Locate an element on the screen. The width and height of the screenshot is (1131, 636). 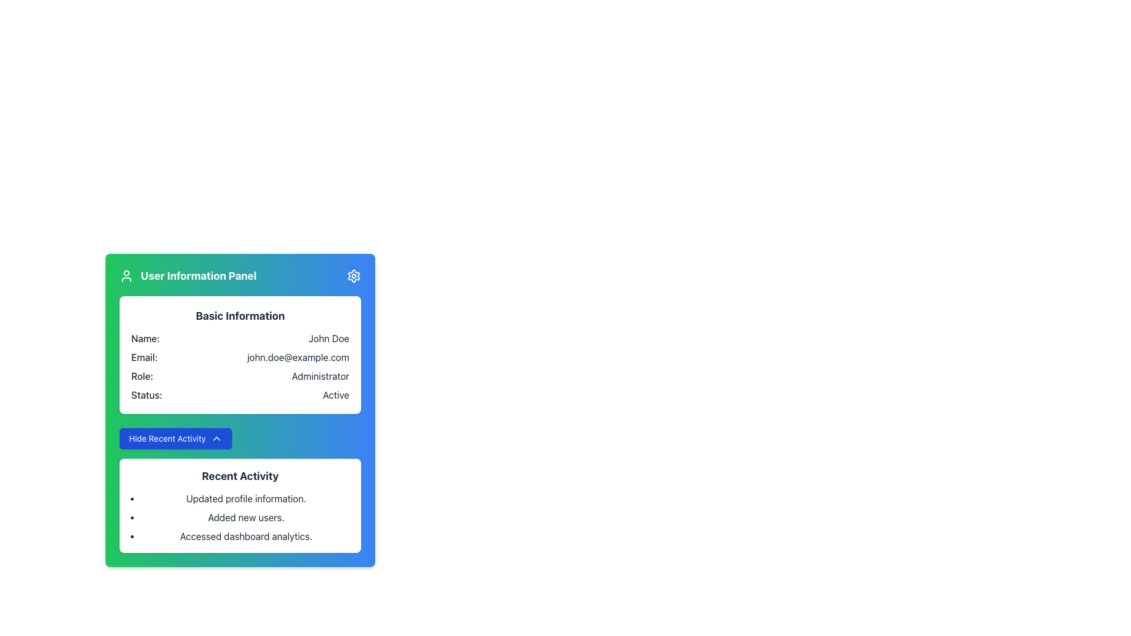
the static text label displaying the word 'Active', which is located in the 'Status' field of the 'Basic Information' section is located at coordinates (335, 395).